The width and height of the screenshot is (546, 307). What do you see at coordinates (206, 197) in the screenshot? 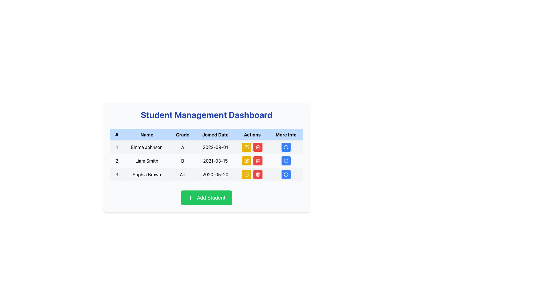
I see `the green rectangular button labeled 'Add Student'` at bounding box center [206, 197].